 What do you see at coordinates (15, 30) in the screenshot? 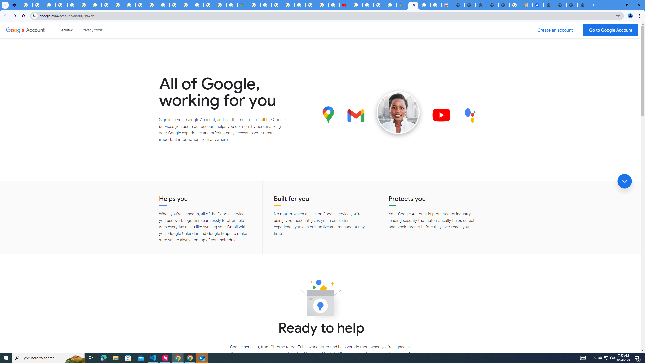
I see `'Google logo'` at bounding box center [15, 30].